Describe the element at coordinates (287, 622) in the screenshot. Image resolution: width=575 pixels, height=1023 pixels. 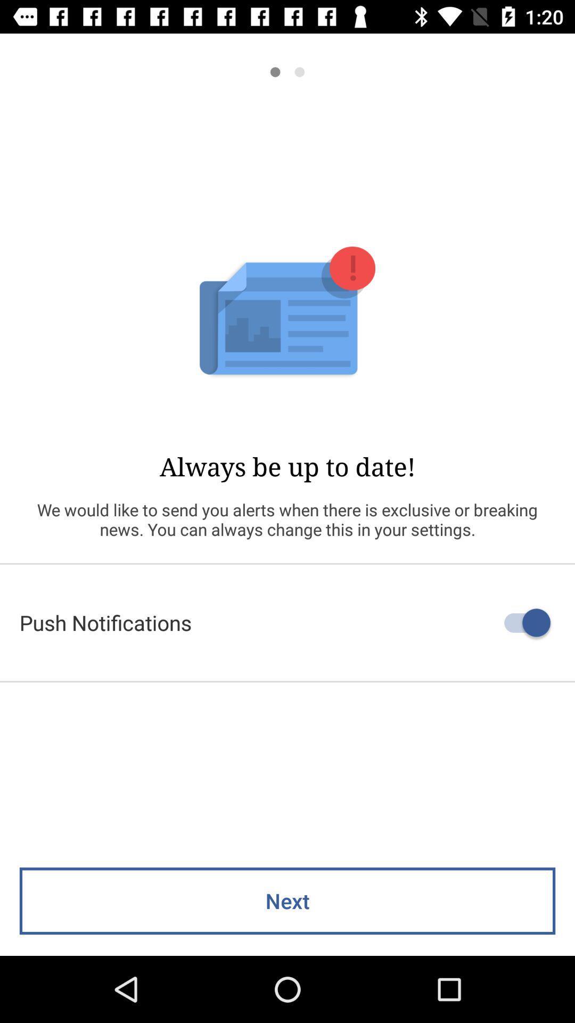
I see `the push notifications` at that location.